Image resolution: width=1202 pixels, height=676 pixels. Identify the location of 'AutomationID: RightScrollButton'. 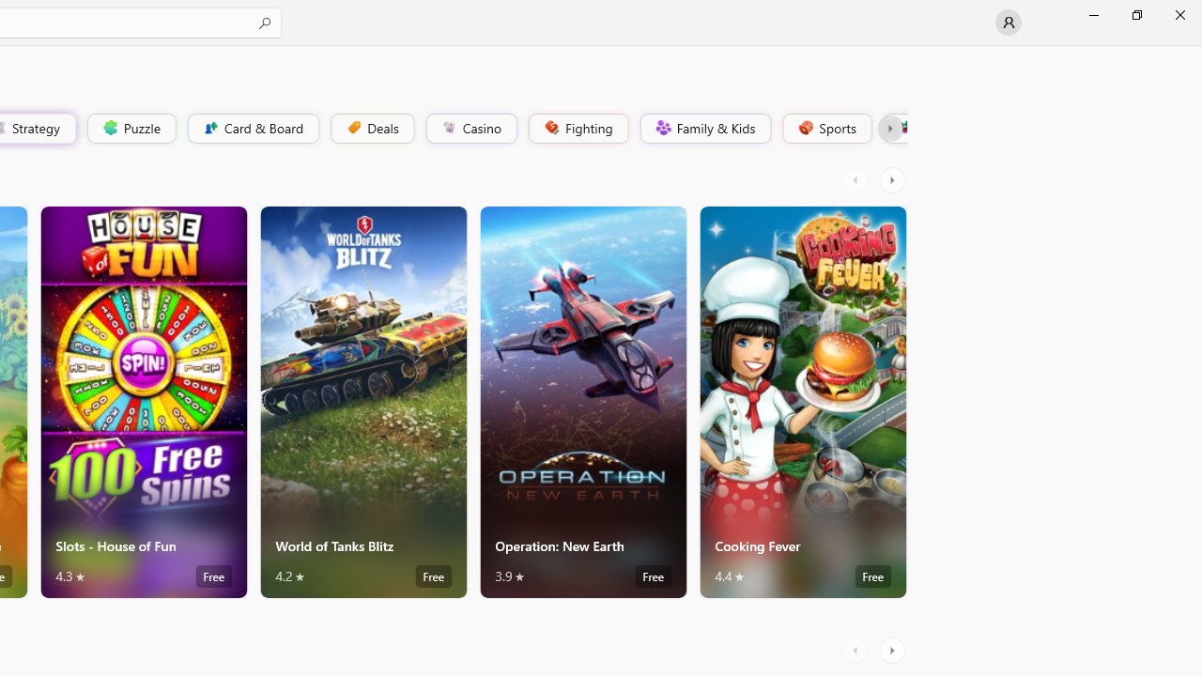
(893, 650).